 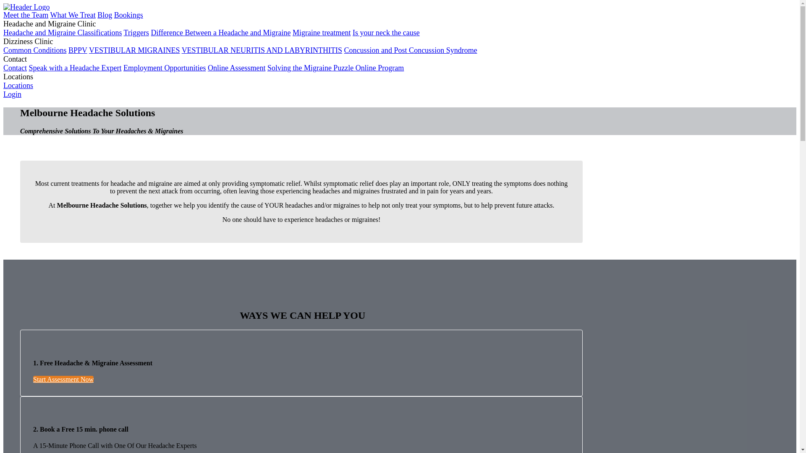 What do you see at coordinates (78, 50) in the screenshot?
I see `'BPPV'` at bounding box center [78, 50].